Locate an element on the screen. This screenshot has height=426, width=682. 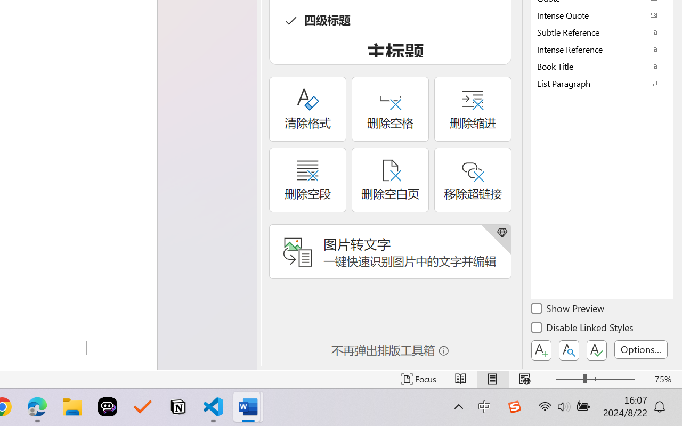
'Zoom In' is located at coordinates (642, 379).